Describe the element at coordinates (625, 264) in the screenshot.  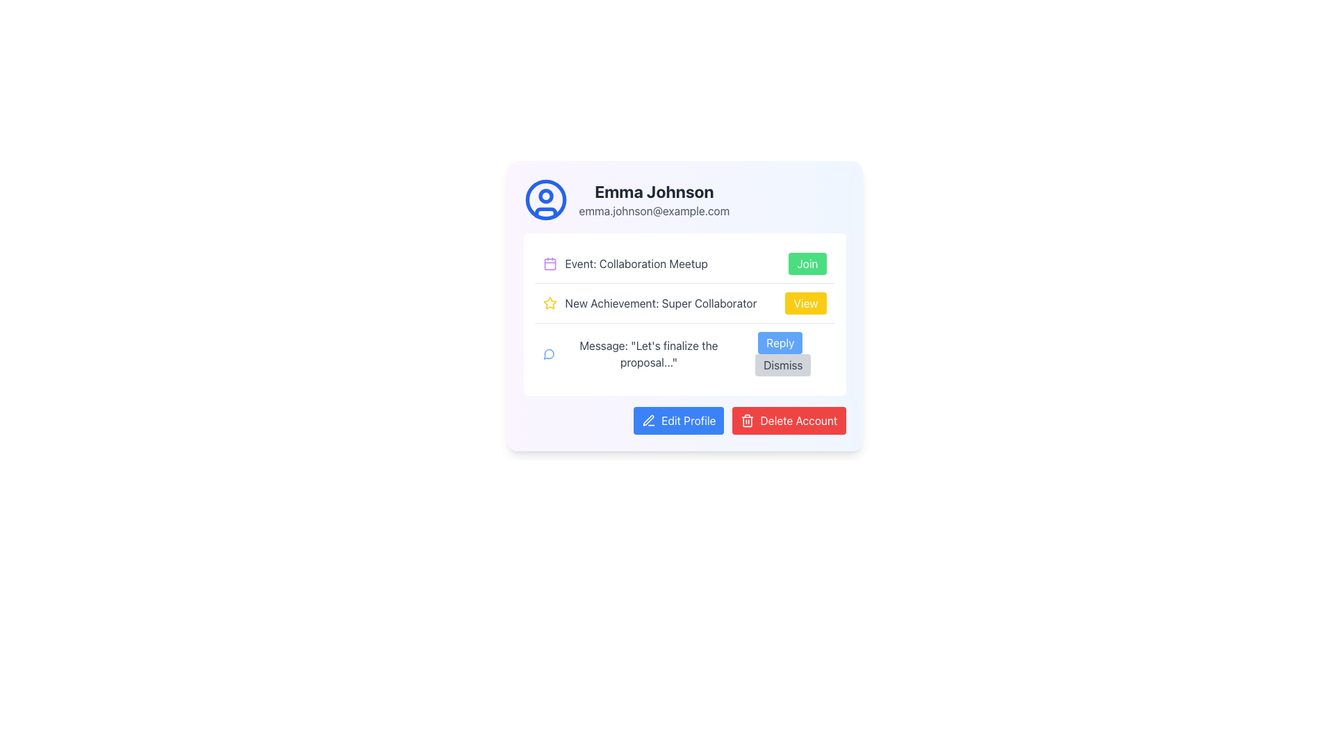
I see `event details for the 'Collaboration Meetup' which is represented by an icon and text label in the first item of the list` at that location.